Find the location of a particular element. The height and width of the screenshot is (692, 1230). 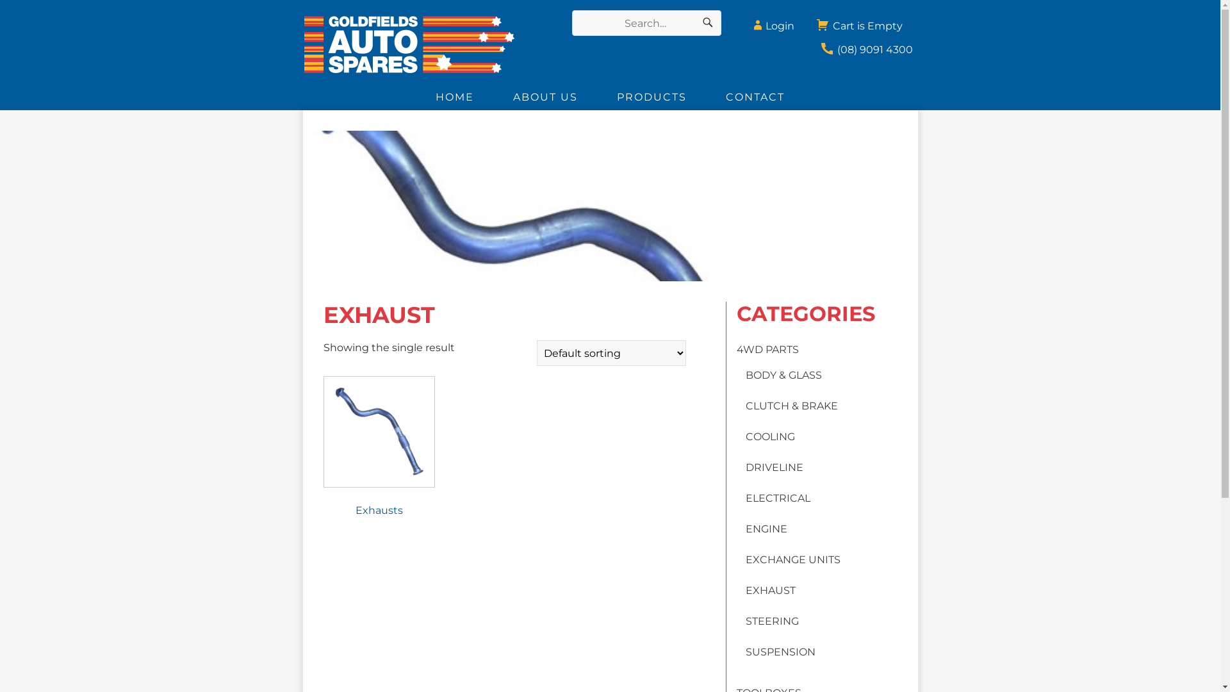

'STEERING' is located at coordinates (771, 620).